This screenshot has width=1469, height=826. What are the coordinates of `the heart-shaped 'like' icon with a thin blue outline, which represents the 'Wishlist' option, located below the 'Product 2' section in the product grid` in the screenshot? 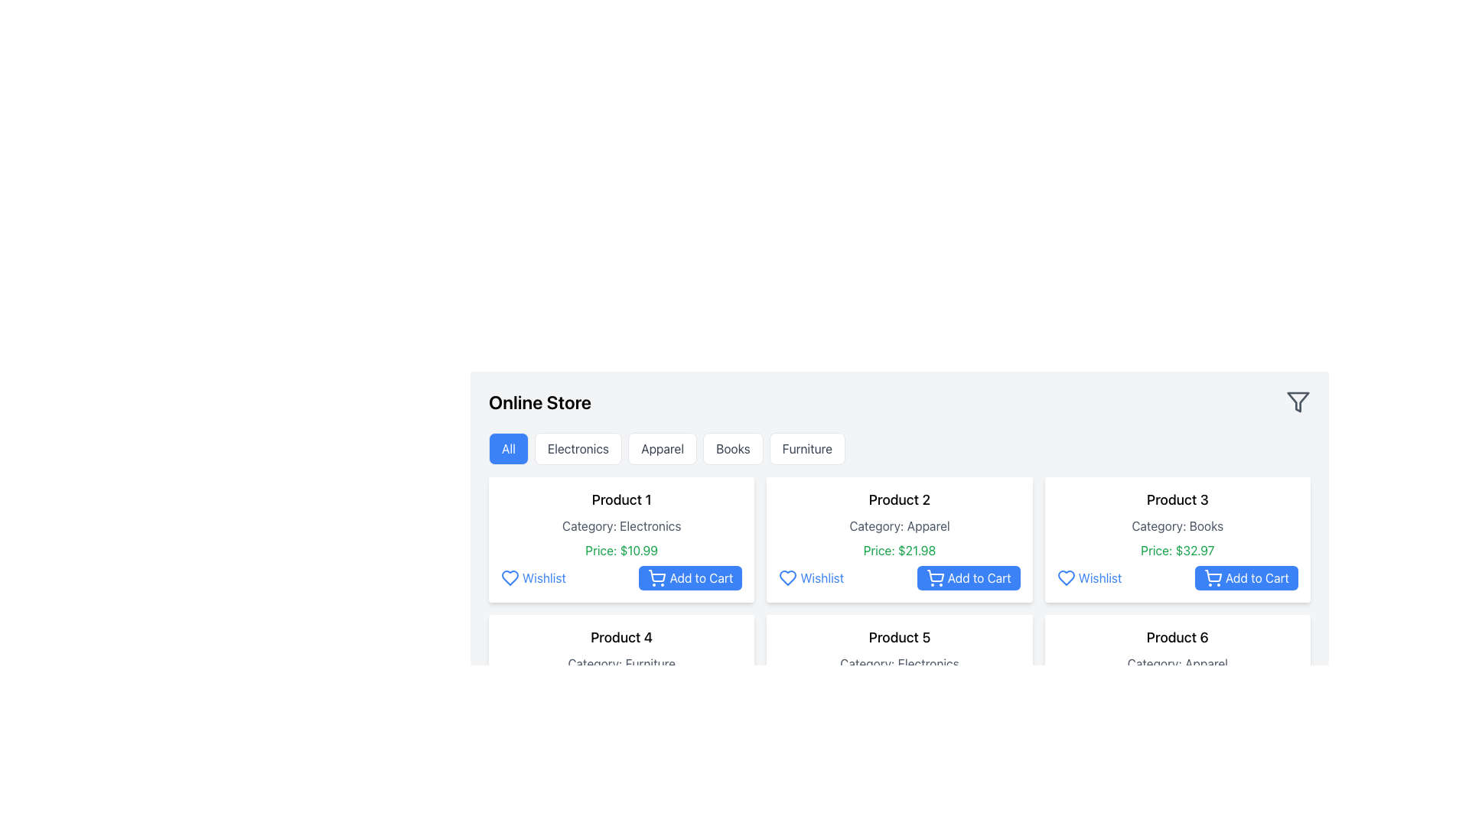 It's located at (788, 578).